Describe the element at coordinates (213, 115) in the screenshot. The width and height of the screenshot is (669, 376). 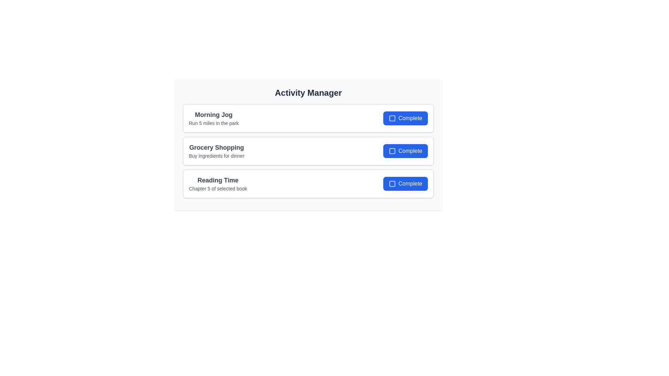
I see `the non-interactive text label that identifies the activity as 'Morning Jog', positioned above the text 'Run 5 miles in the park'` at that location.